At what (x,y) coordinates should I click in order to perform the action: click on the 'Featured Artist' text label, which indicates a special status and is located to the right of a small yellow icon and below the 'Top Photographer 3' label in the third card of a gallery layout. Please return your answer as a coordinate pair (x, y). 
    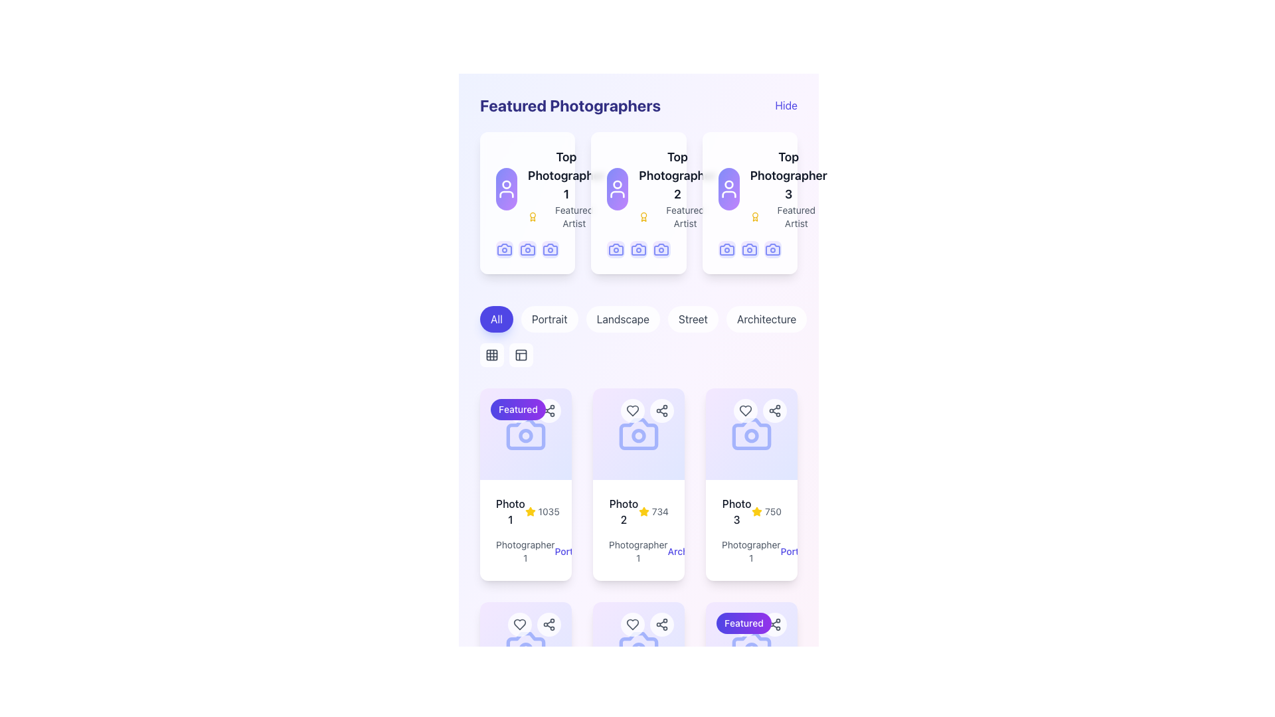
    Looking at the image, I should click on (796, 216).